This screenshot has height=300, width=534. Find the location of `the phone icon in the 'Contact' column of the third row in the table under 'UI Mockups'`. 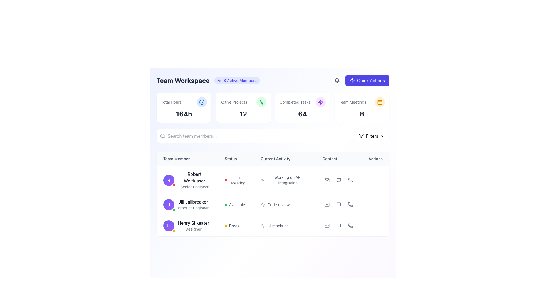

the phone icon in the 'Contact' column of the third row in the table under 'UI Mockups' is located at coordinates (350, 226).